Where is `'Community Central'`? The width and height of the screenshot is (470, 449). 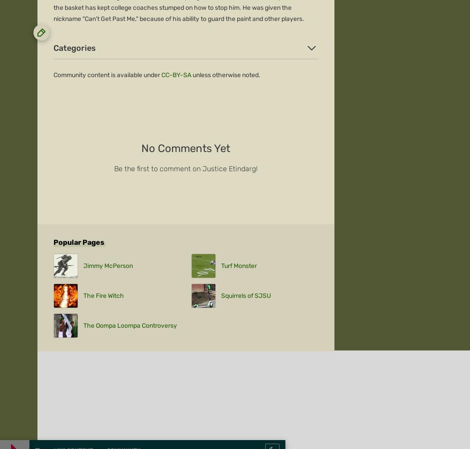 'Community Central' is located at coordinates (65, 210).